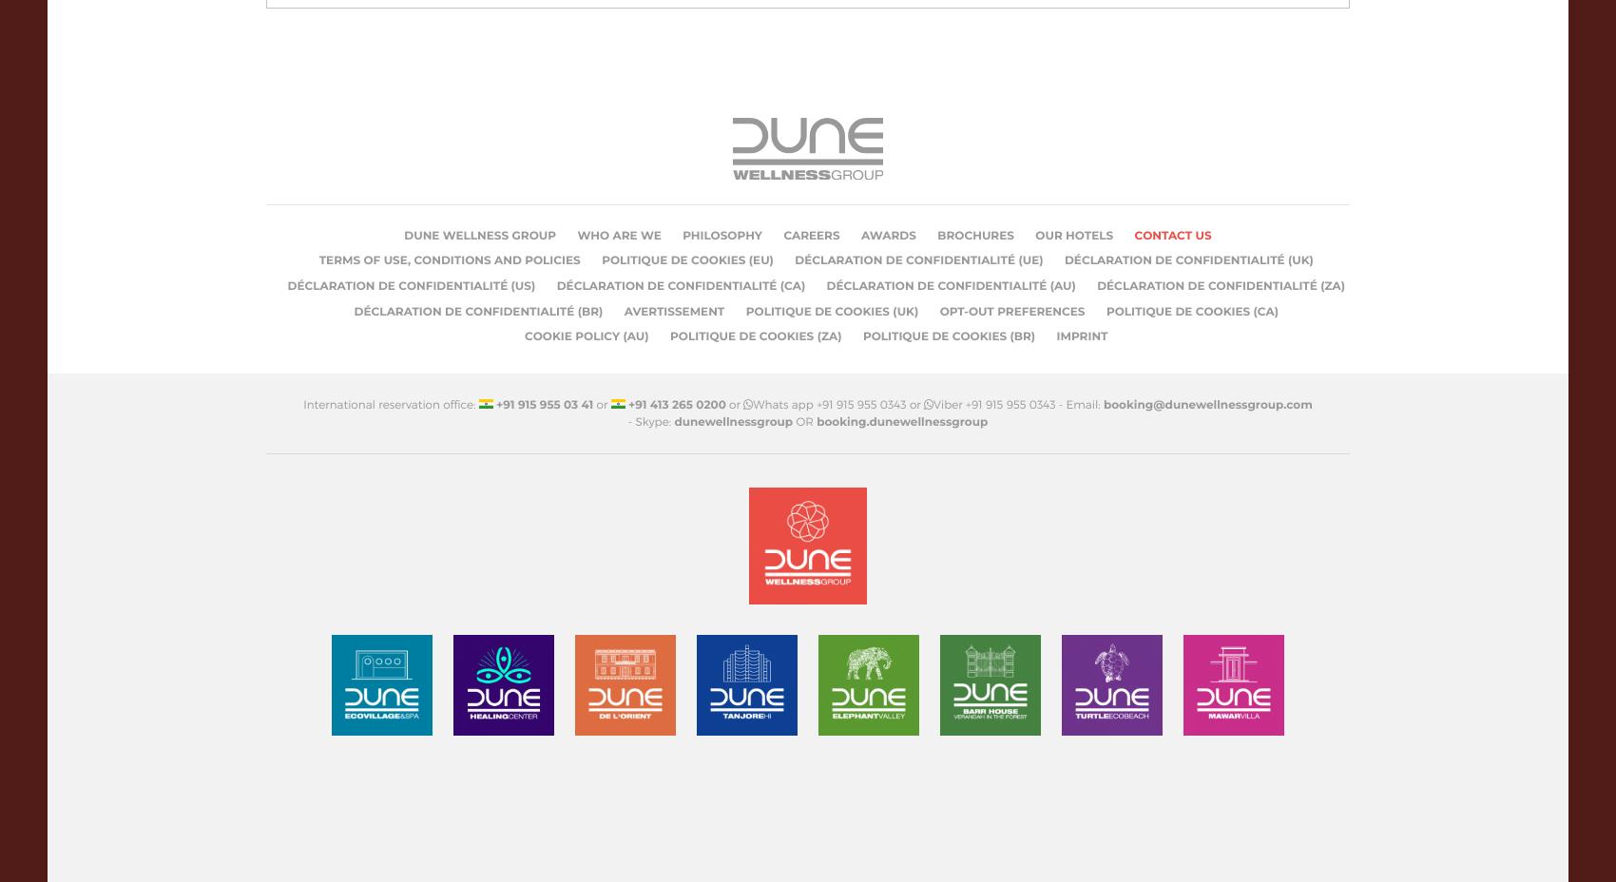  Describe the element at coordinates (1011, 310) in the screenshot. I see `'Opt-out preferences'` at that location.